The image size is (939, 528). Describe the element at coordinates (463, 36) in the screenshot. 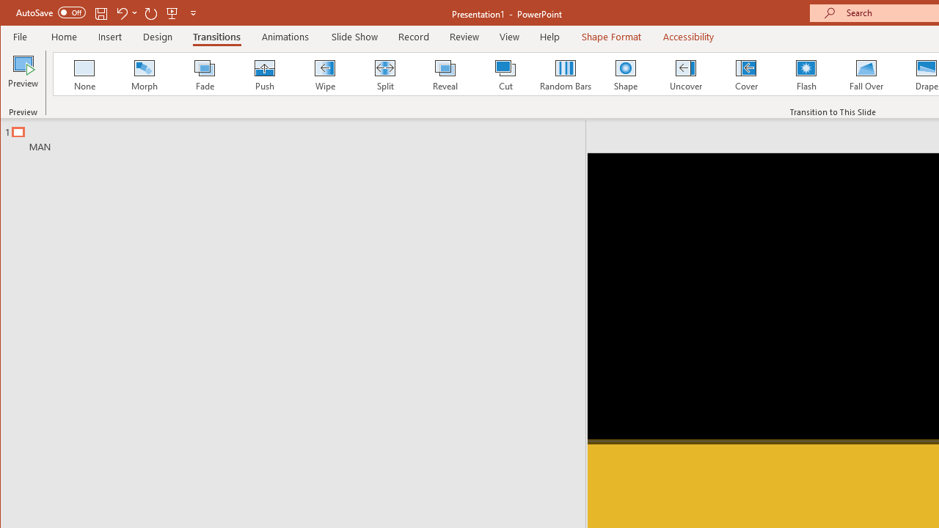

I see `'Review'` at that location.